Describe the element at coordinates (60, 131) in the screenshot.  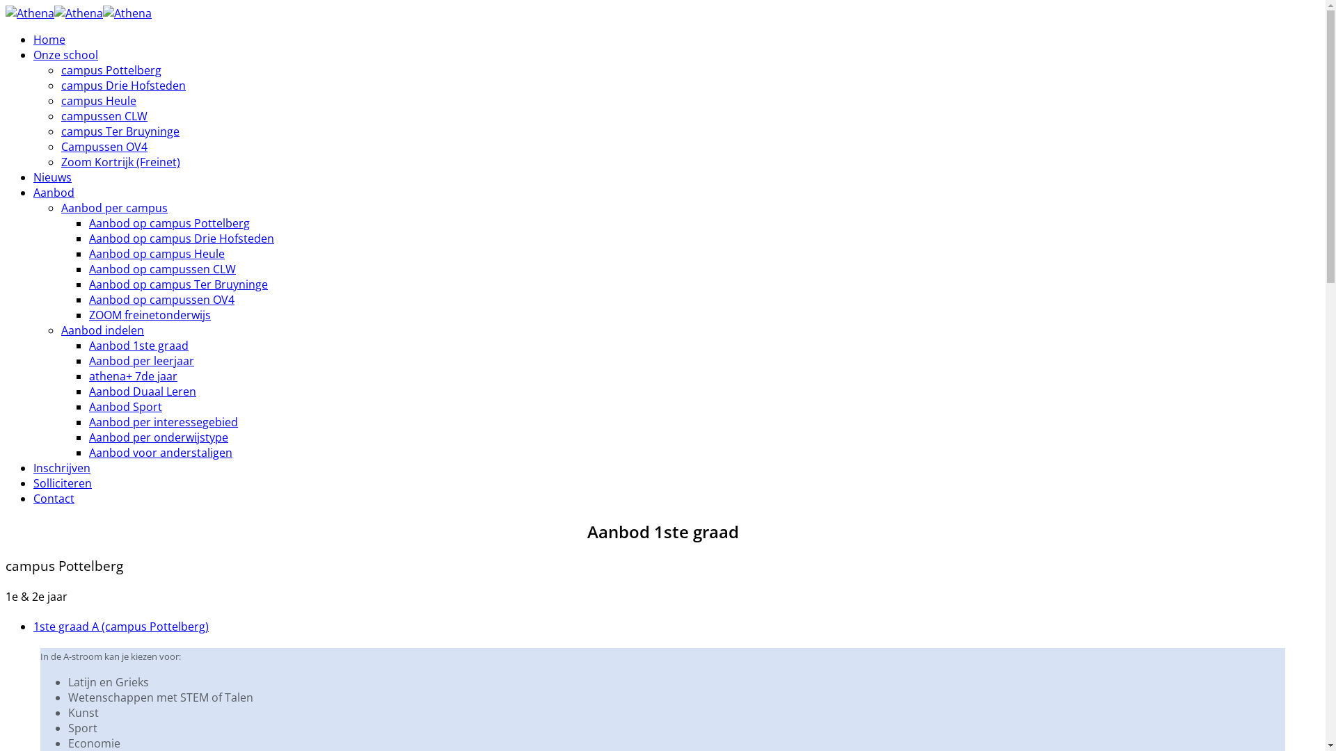
I see `'campus Ter Bruyninge'` at that location.